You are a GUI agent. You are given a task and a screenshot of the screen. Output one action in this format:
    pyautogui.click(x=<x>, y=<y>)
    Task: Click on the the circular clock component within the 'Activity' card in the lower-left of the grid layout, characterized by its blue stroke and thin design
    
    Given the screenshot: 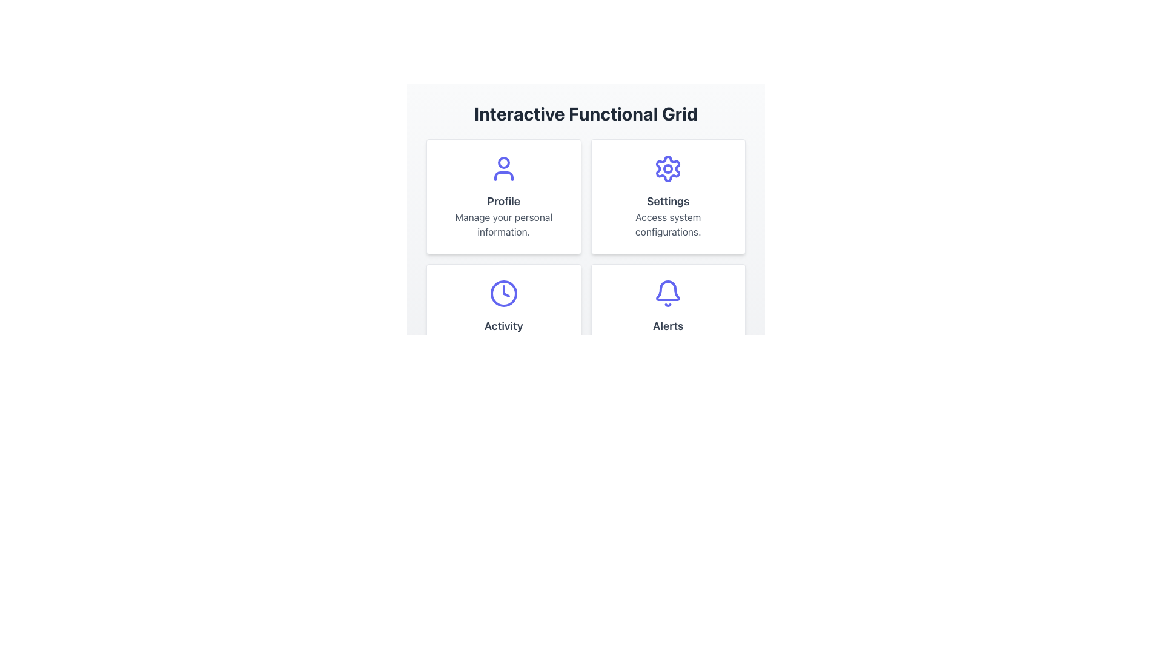 What is the action you would take?
    pyautogui.click(x=503, y=294)
    